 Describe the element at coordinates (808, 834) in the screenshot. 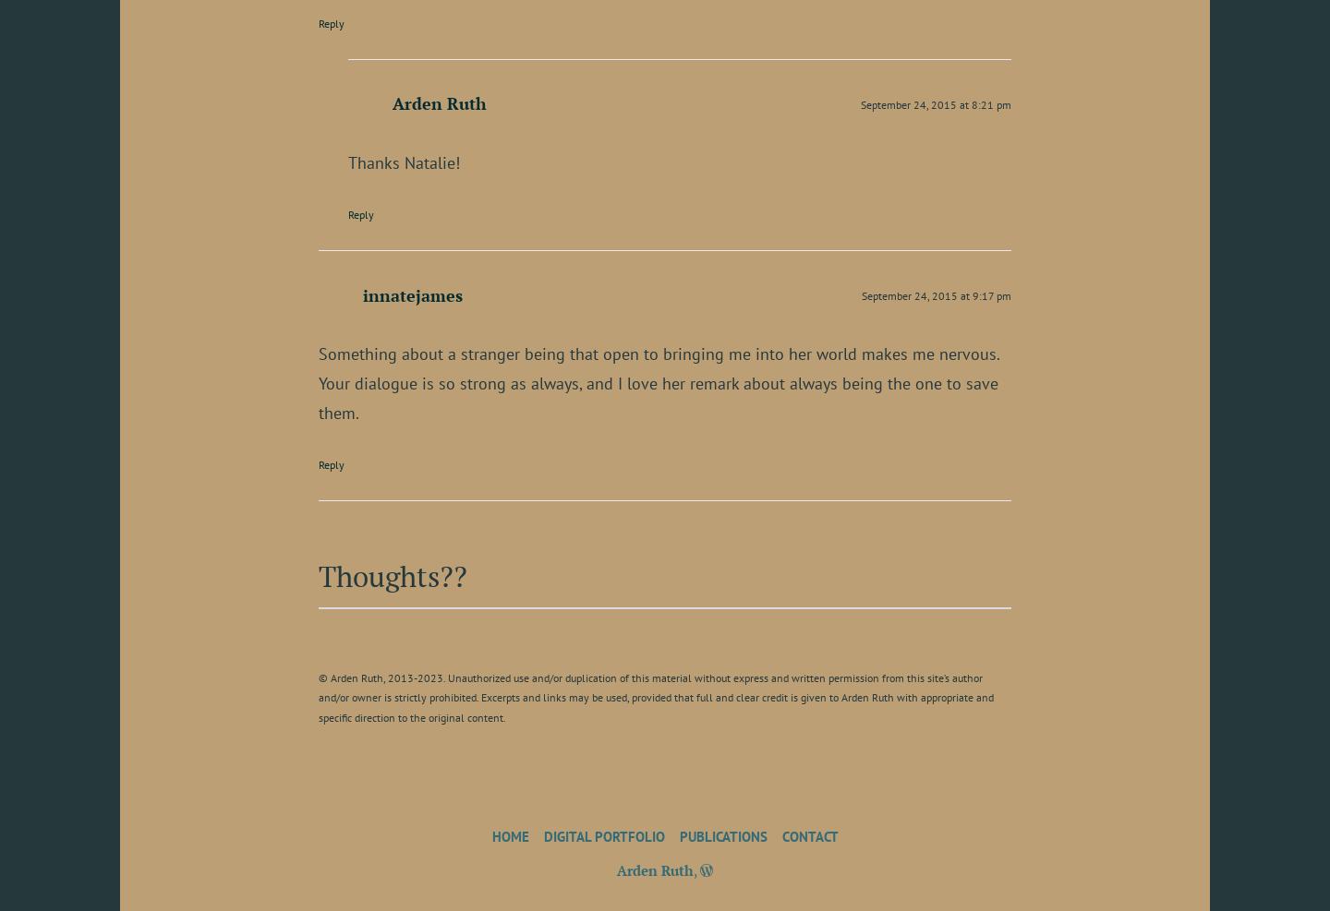

I see `'contact'` at that location.